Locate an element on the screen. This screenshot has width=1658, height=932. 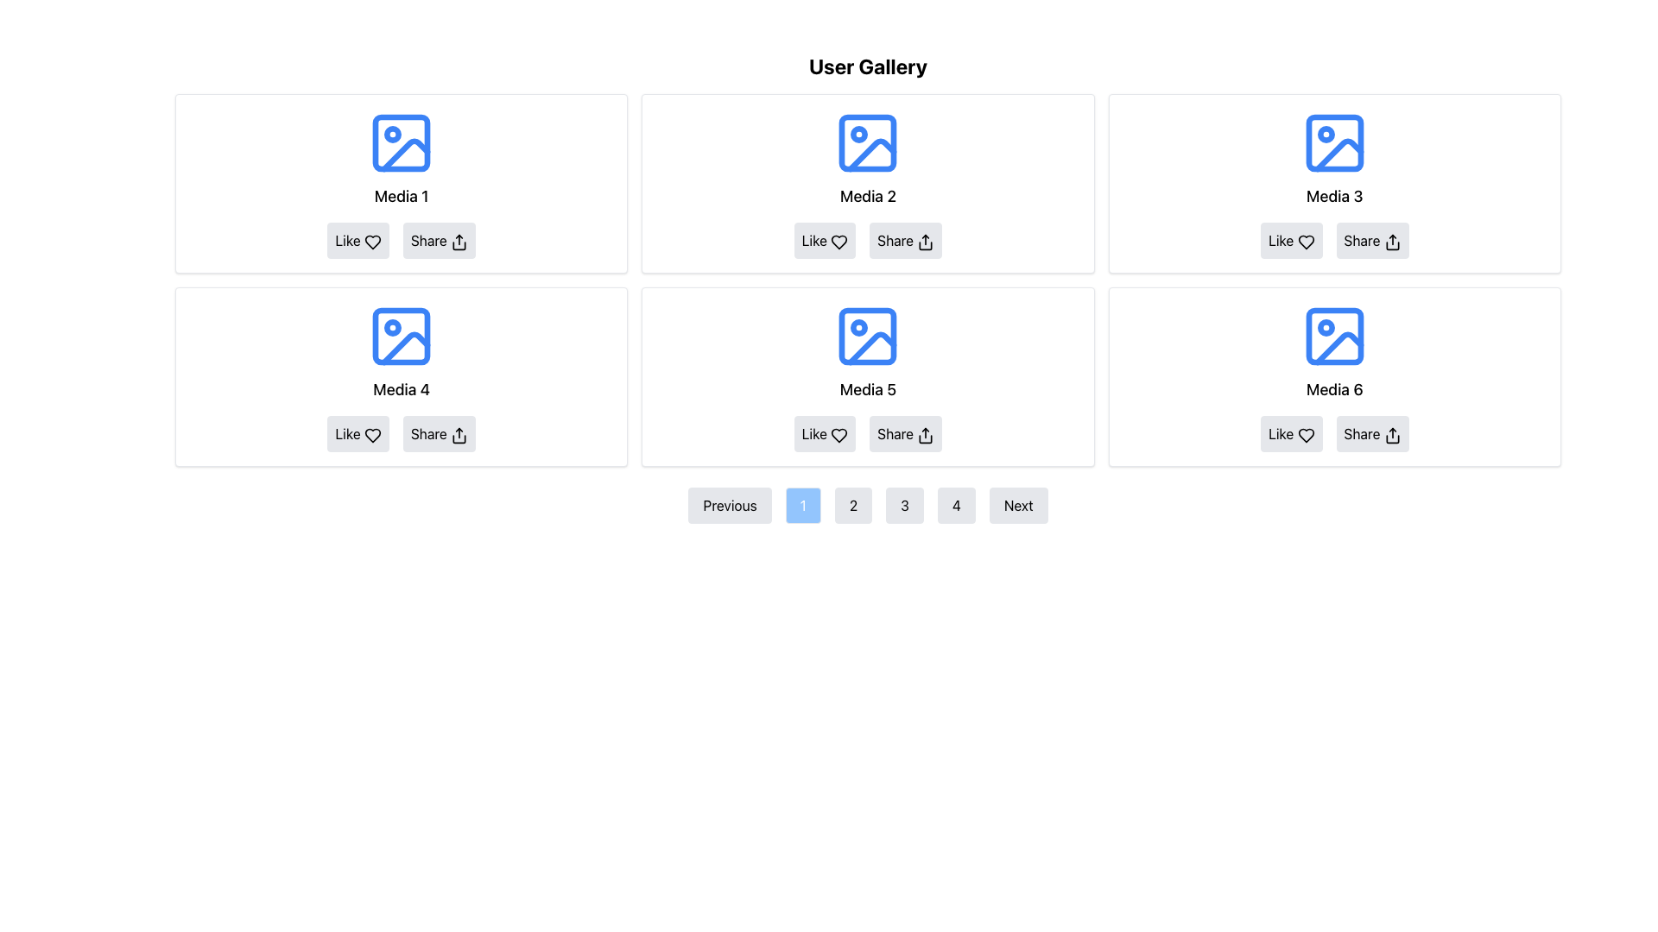
the 'Like' button with a light gray background and rounded edges, located at the bottom-left corner of the 'Media 6' card in the last row is located at coordinates (1290, 432).